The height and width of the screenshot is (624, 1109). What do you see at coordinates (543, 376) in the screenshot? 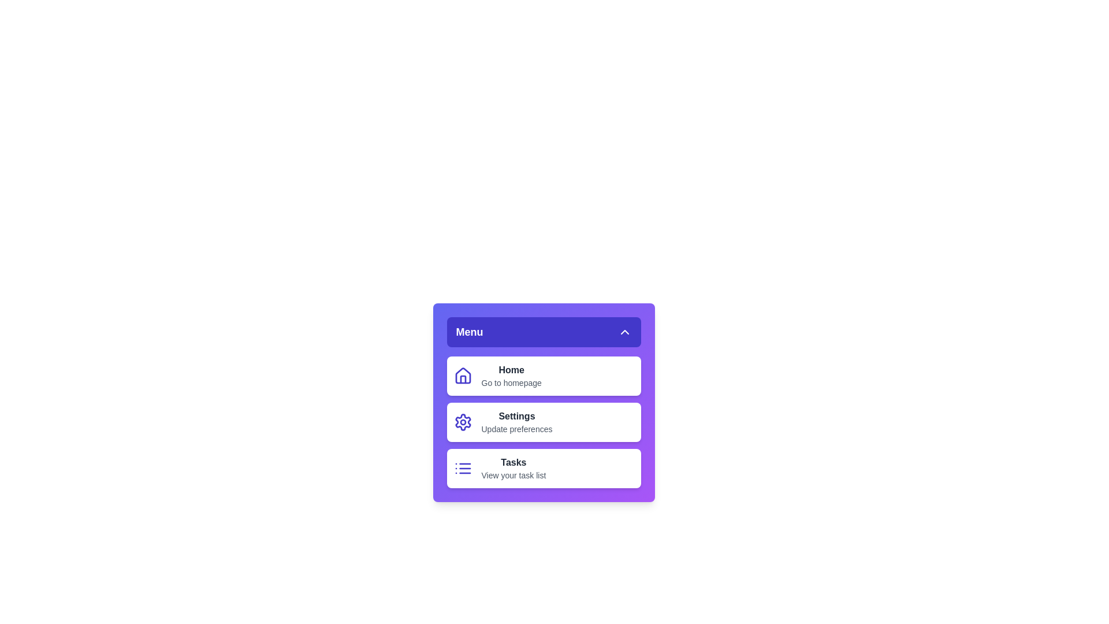
I see `the menu item labeled Home to observe its hover effect` at bounding box center [543, 376].